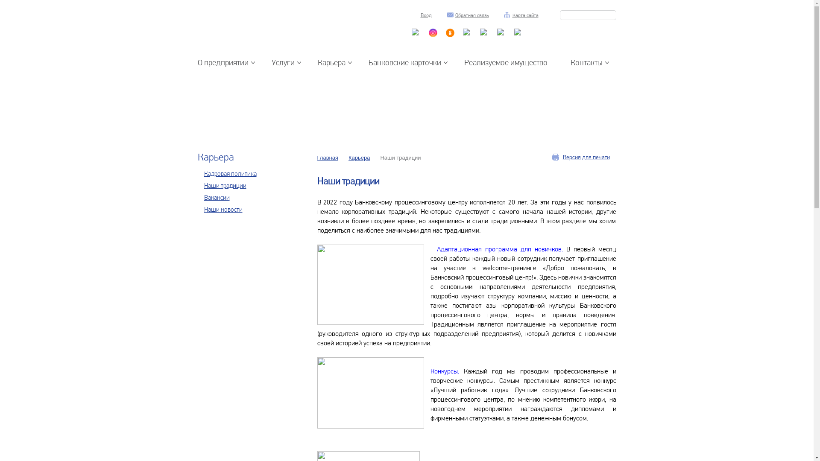  I want to click on 'Facebook', so click(501, 40).